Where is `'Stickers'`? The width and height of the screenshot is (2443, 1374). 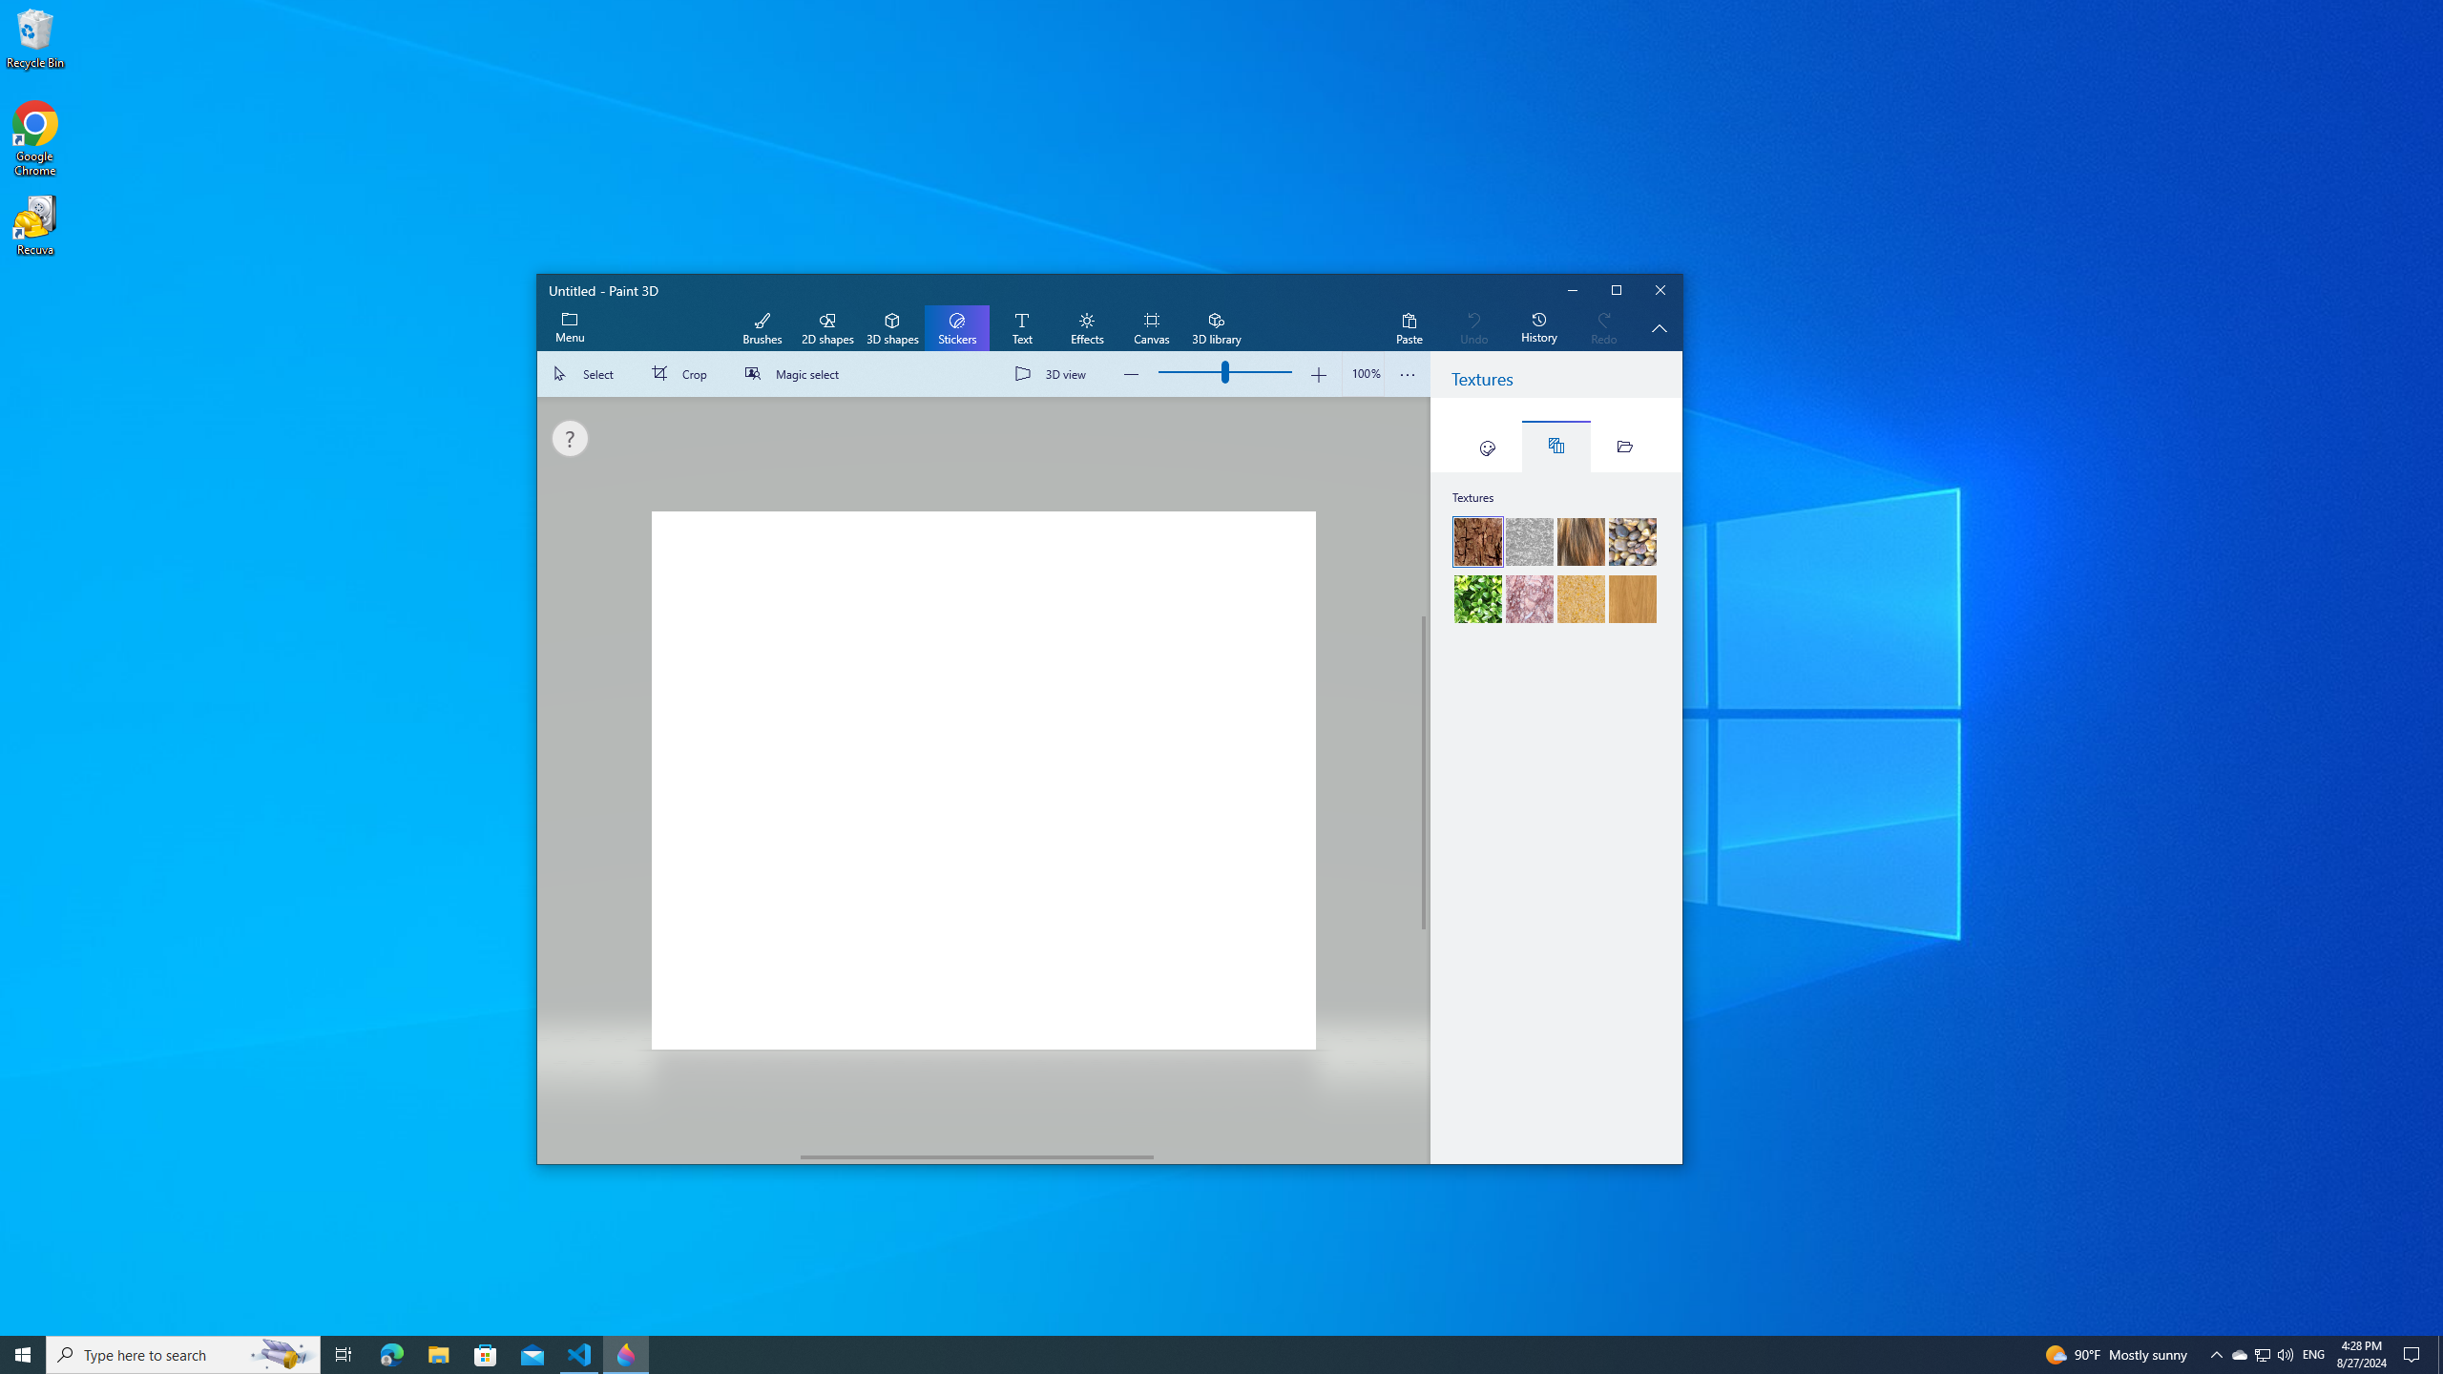
'Stickers' is located at coordinates (956, 328).